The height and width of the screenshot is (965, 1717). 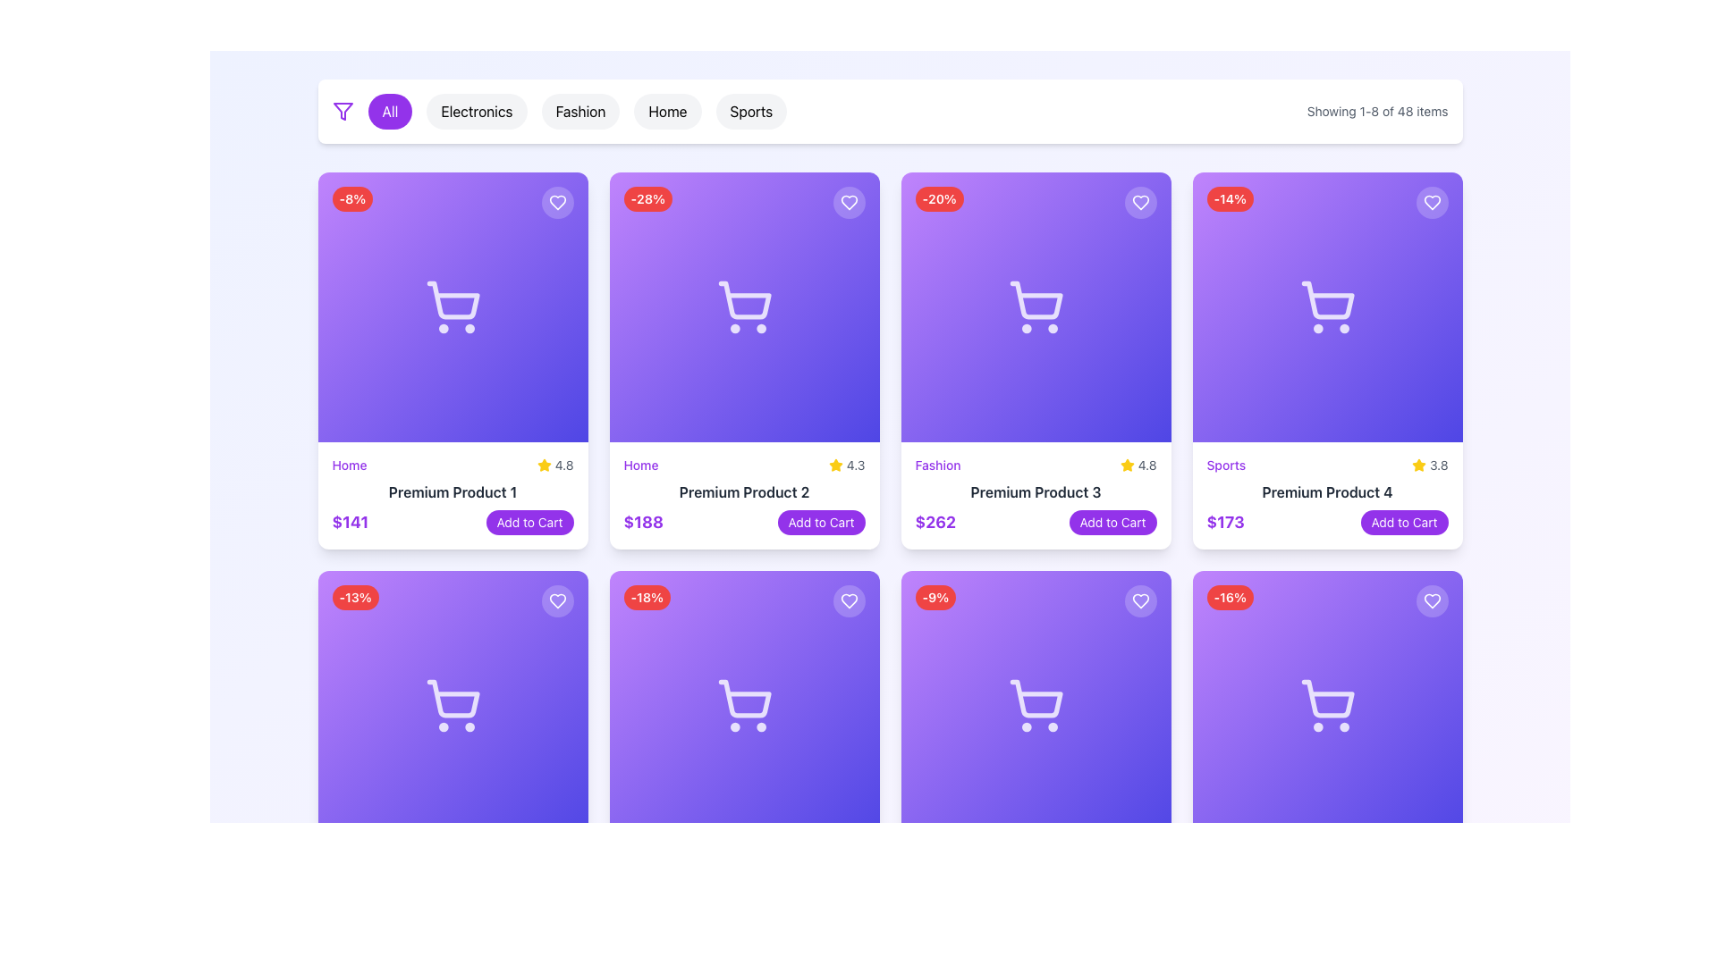 What do you see at coordinates (1403, 523) in the screenshot?
I see `the 'Add to Cart' button, a rectangular purple button with white text located in the bottom right section of the fourth product card` at bounding box center [1403, 523].